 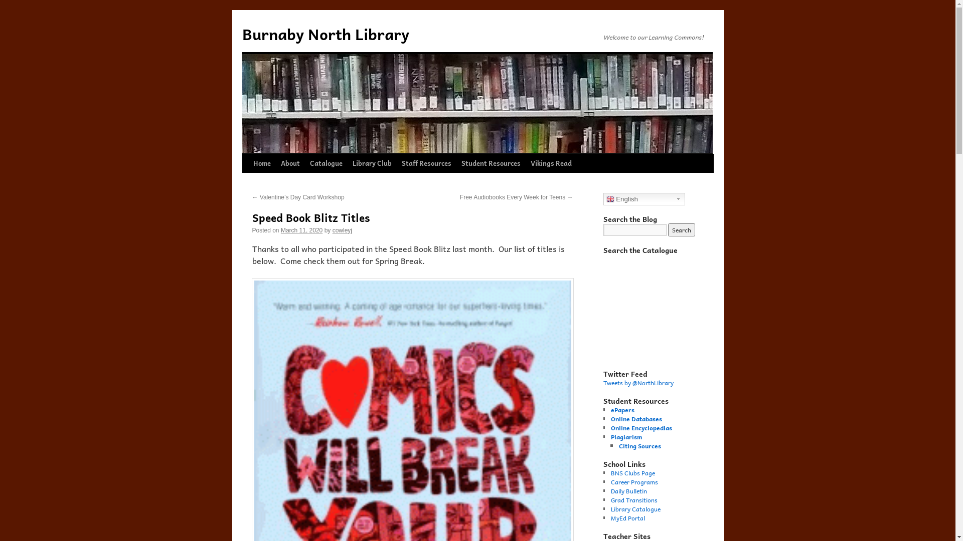 What do you see at coordinates (637, 382) in the screenshot?
I see `'Tweets by @NorthLibrary'` at bounding box center [637, 382].